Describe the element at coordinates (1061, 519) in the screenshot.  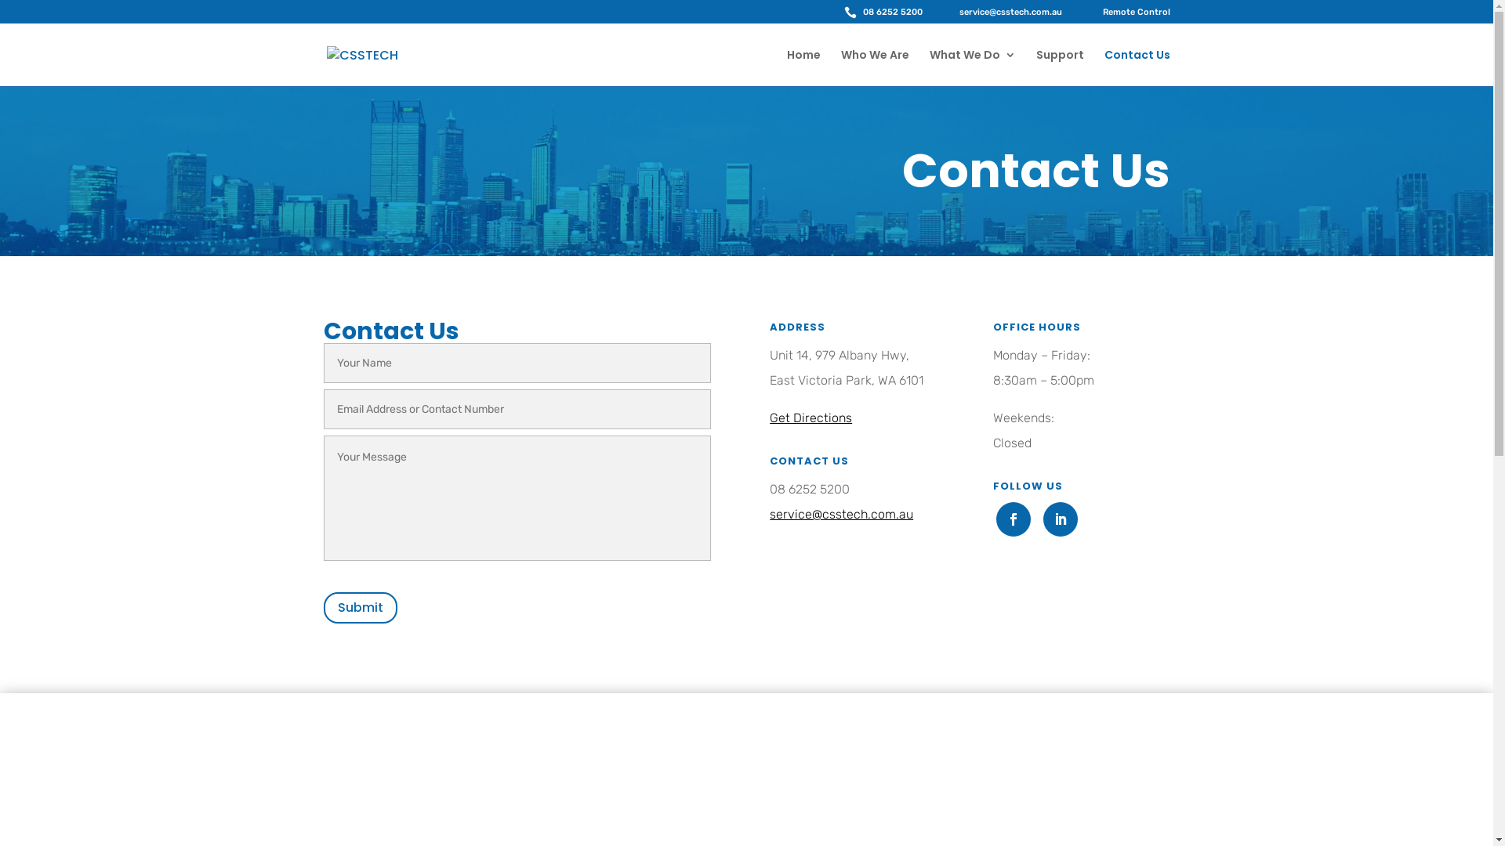
I see `'Follow on LinkedIn'` at that location.